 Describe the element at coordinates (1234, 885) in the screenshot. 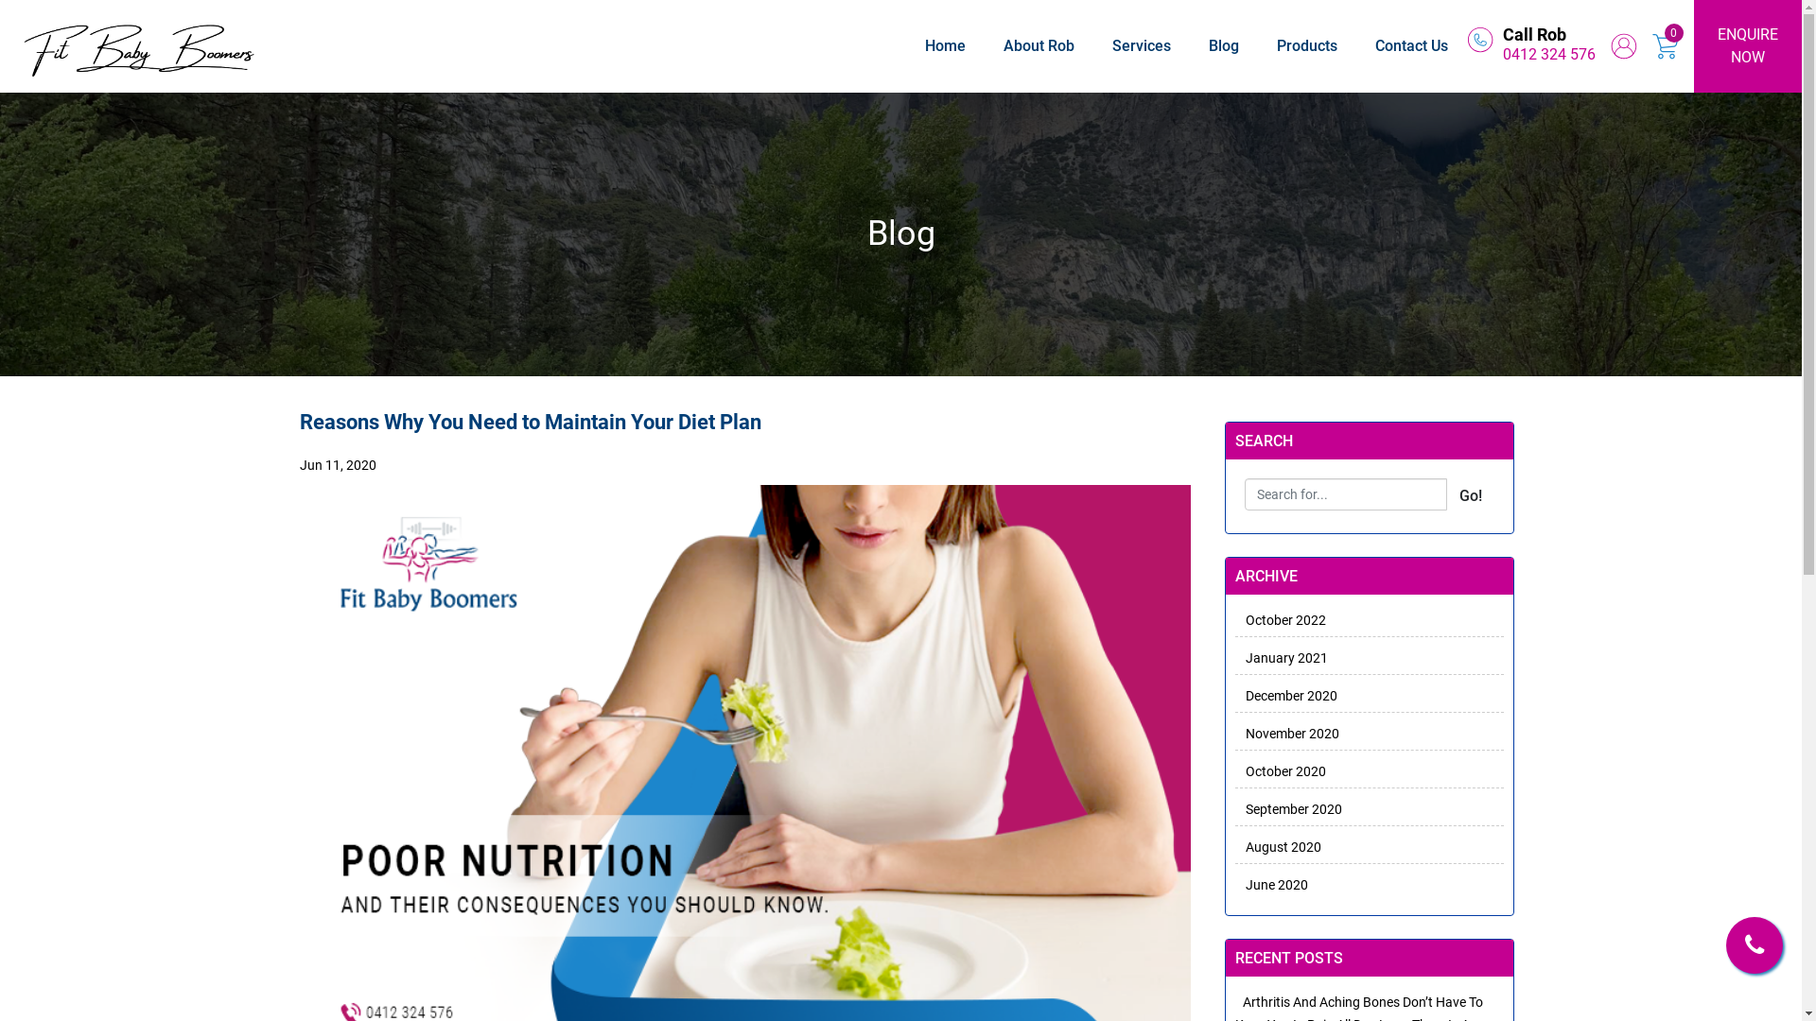

I see `'June 2020'` at that location.